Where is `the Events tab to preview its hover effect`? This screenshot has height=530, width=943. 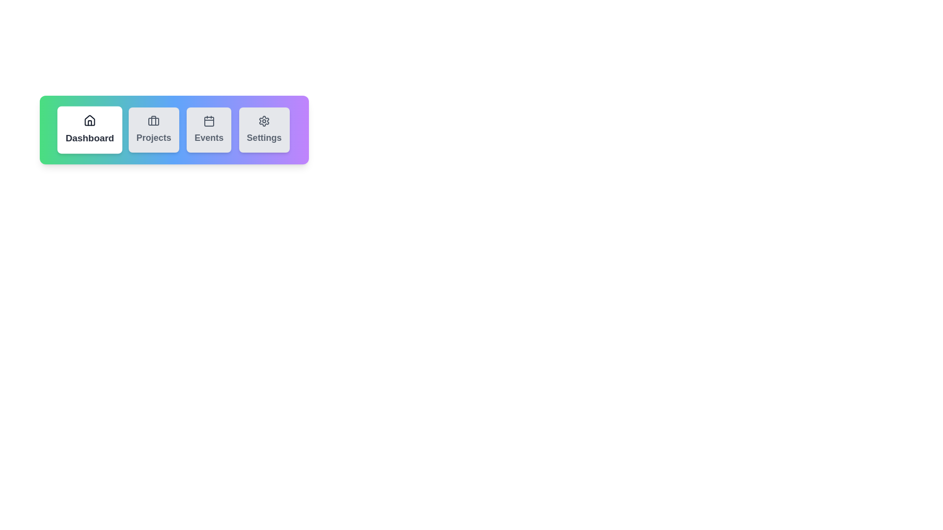 the Events tab to preview its hover effect is located at coordinates (209, 130).